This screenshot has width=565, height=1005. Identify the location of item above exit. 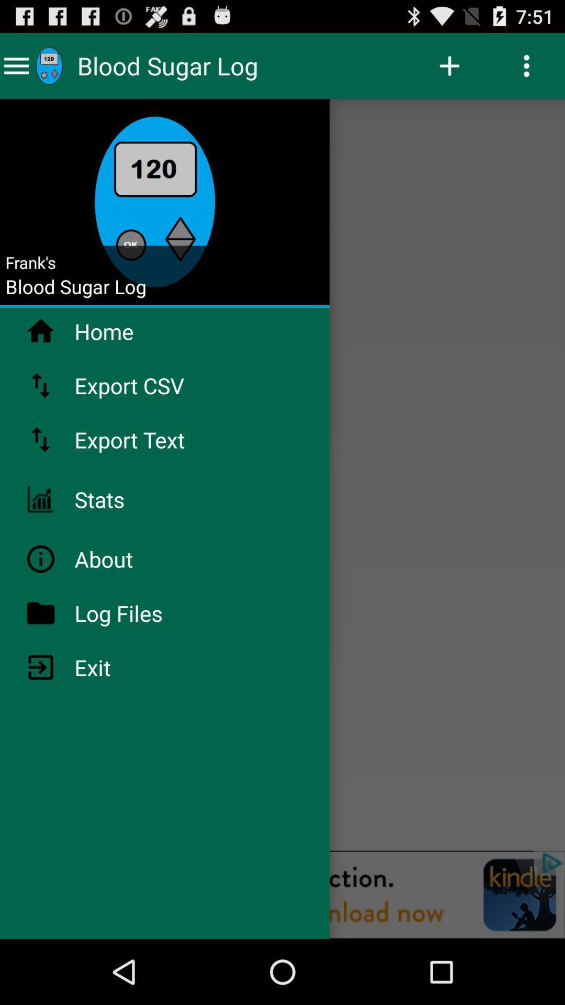
(146, 613).